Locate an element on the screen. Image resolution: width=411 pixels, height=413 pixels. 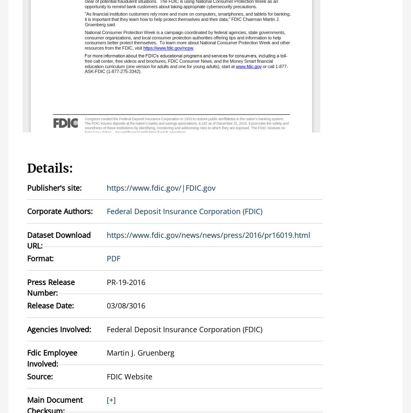
'Martin J. Gruenberg' is located at coordinates (140, 352).